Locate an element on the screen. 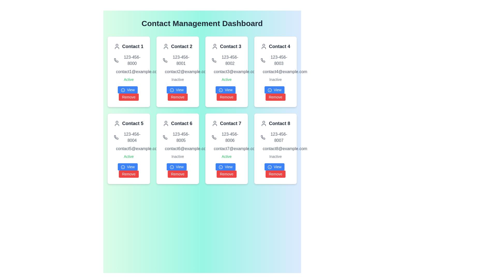 This screenshot has height=279, width=497. the red 'Remove' button with white text located below the 'View' button in the 'Contact 3' card is located at coordinates (226, 97).